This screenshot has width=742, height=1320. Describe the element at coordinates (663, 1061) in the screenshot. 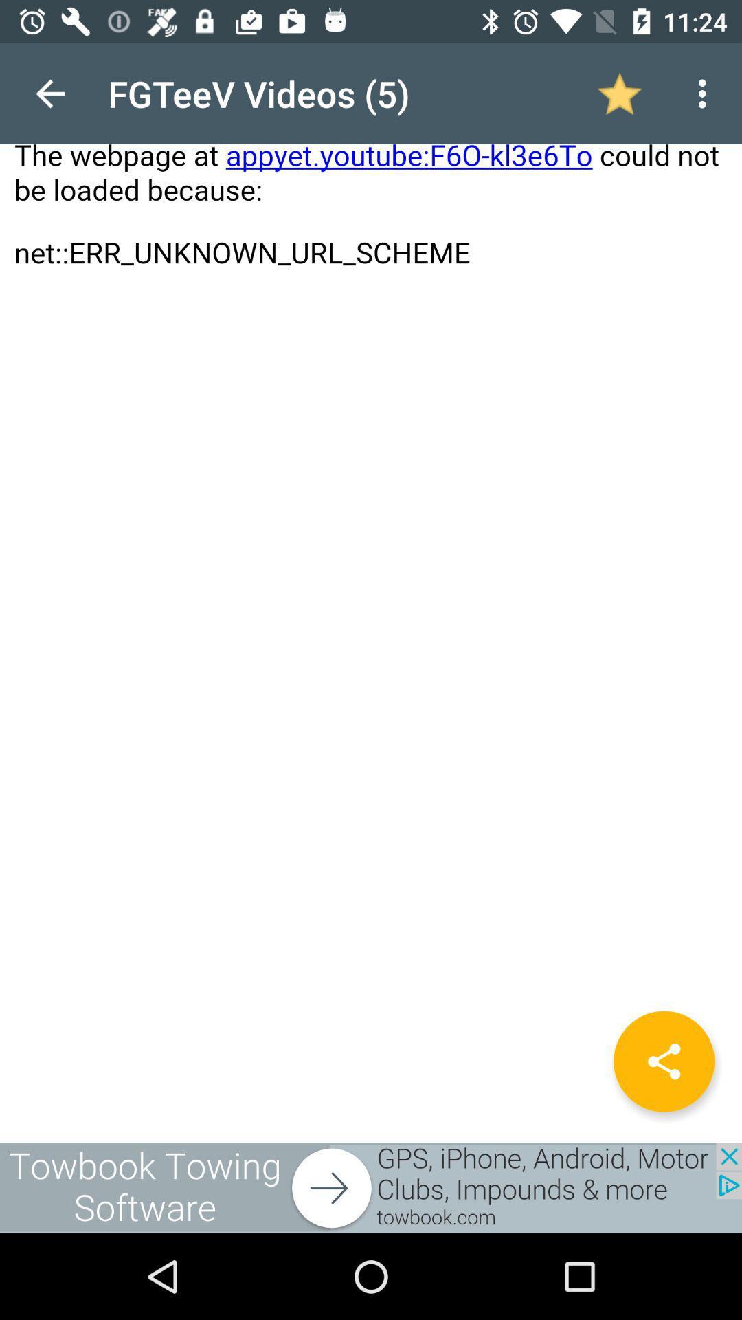

I see `the share icon` at that location.